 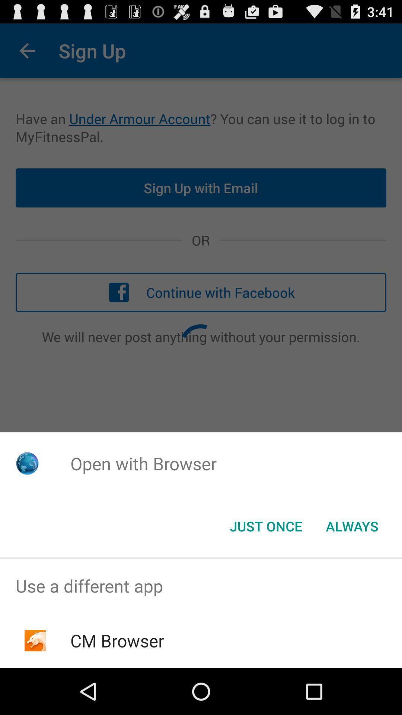 What do you see at coordinates (201, 585) in the screenshot?
I see `the use a different app` at bounding box center [201, 585].